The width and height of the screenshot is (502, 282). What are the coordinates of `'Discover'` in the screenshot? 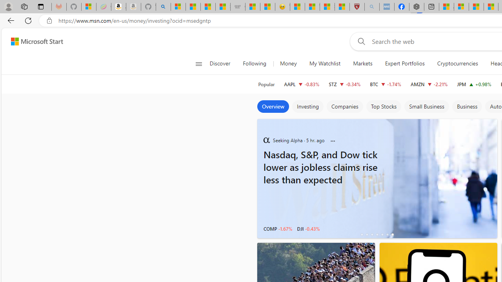 It's located at (220, 63).